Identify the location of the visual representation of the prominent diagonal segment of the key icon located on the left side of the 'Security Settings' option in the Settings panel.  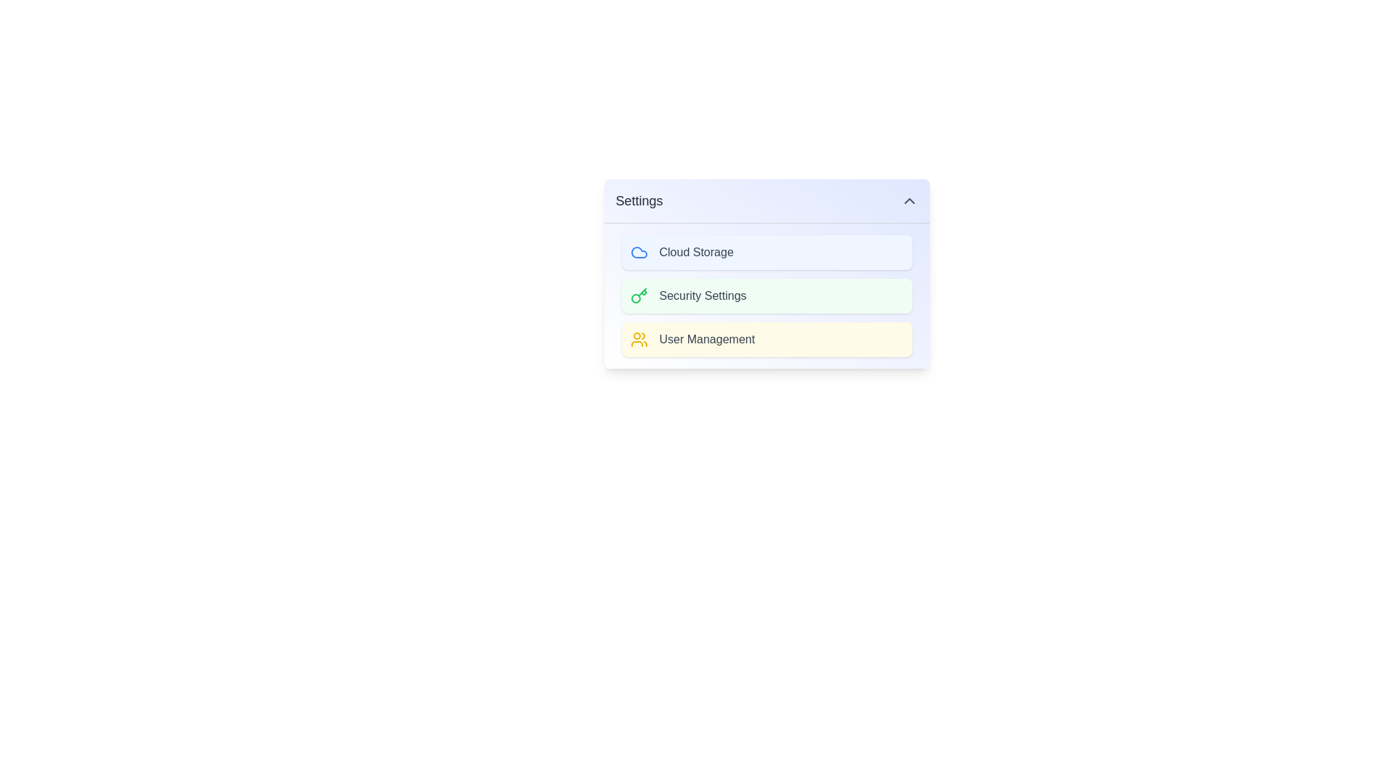
(641, 292).